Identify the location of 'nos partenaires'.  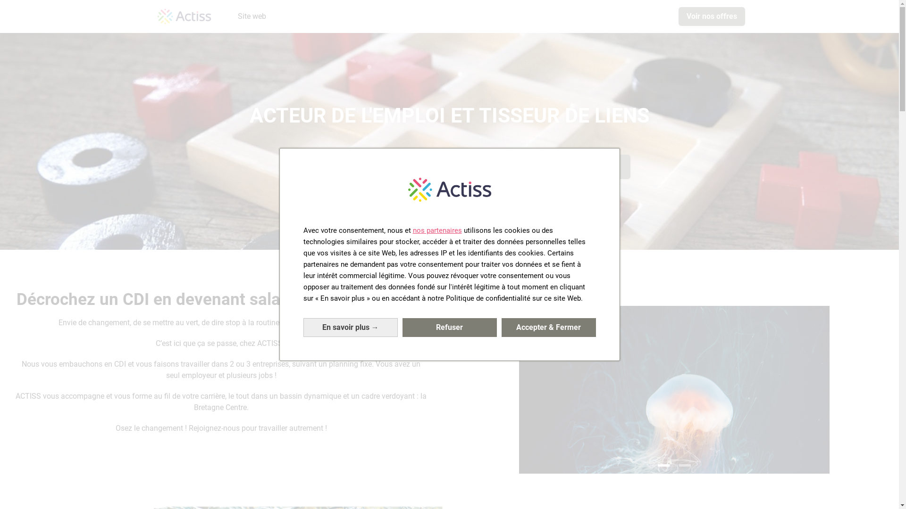
(436, 230).